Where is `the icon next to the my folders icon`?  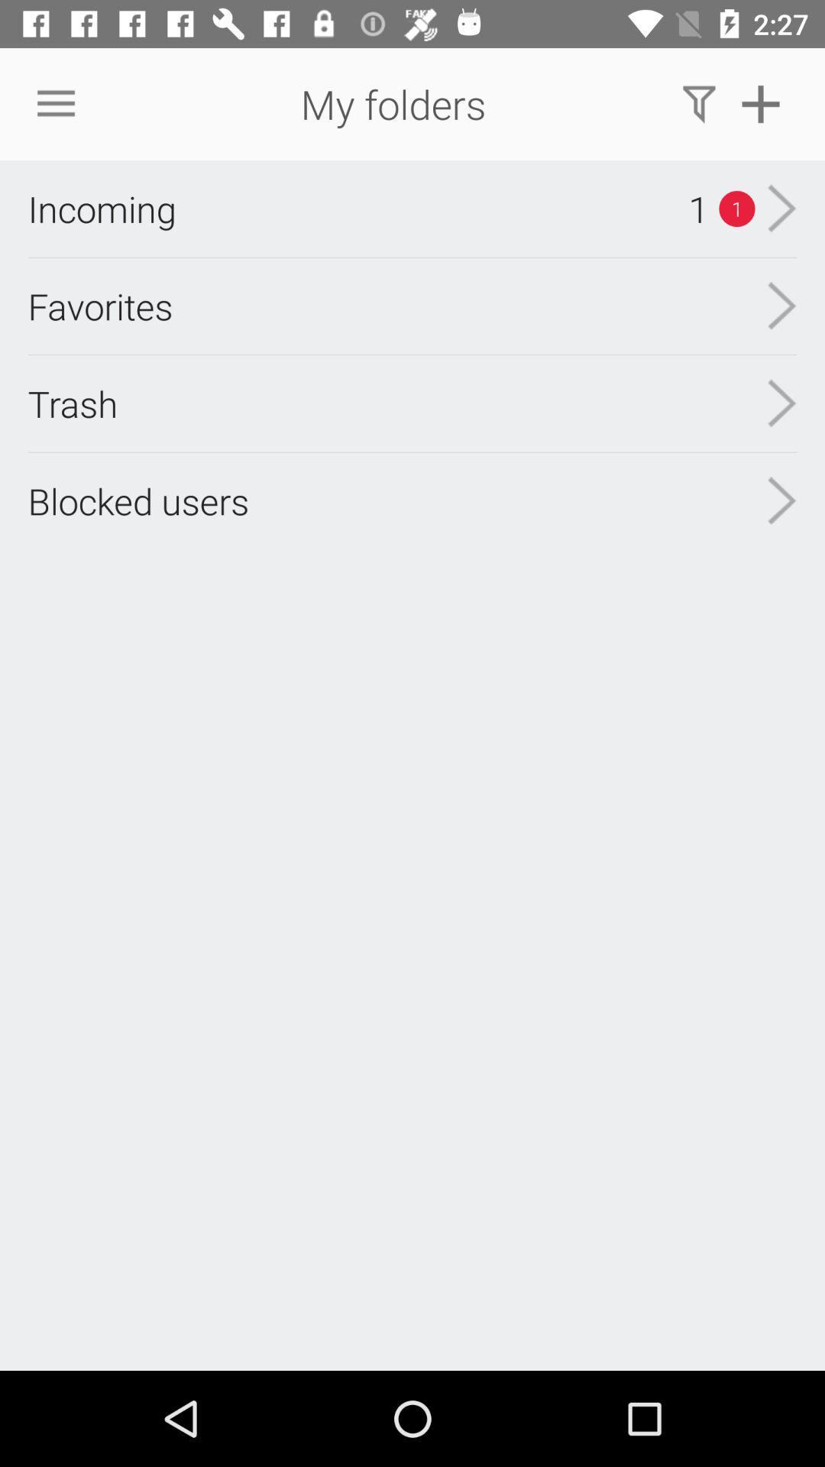 the icon next to the my folders icon is located at coordinates (699, 103).